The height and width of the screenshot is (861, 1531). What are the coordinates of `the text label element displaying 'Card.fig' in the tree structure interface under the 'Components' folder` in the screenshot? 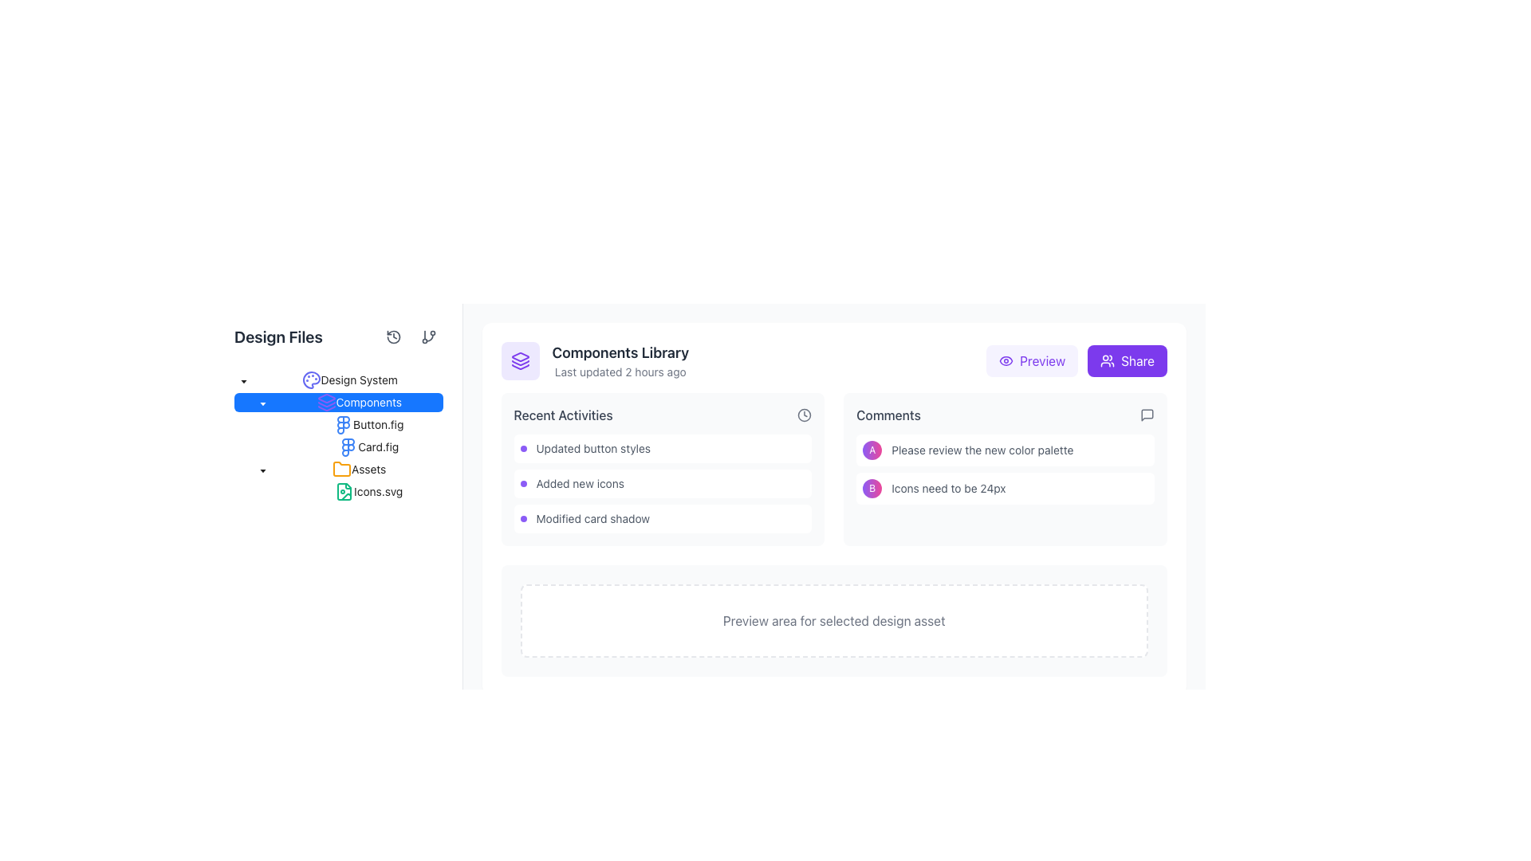 It's located at (377, 446).